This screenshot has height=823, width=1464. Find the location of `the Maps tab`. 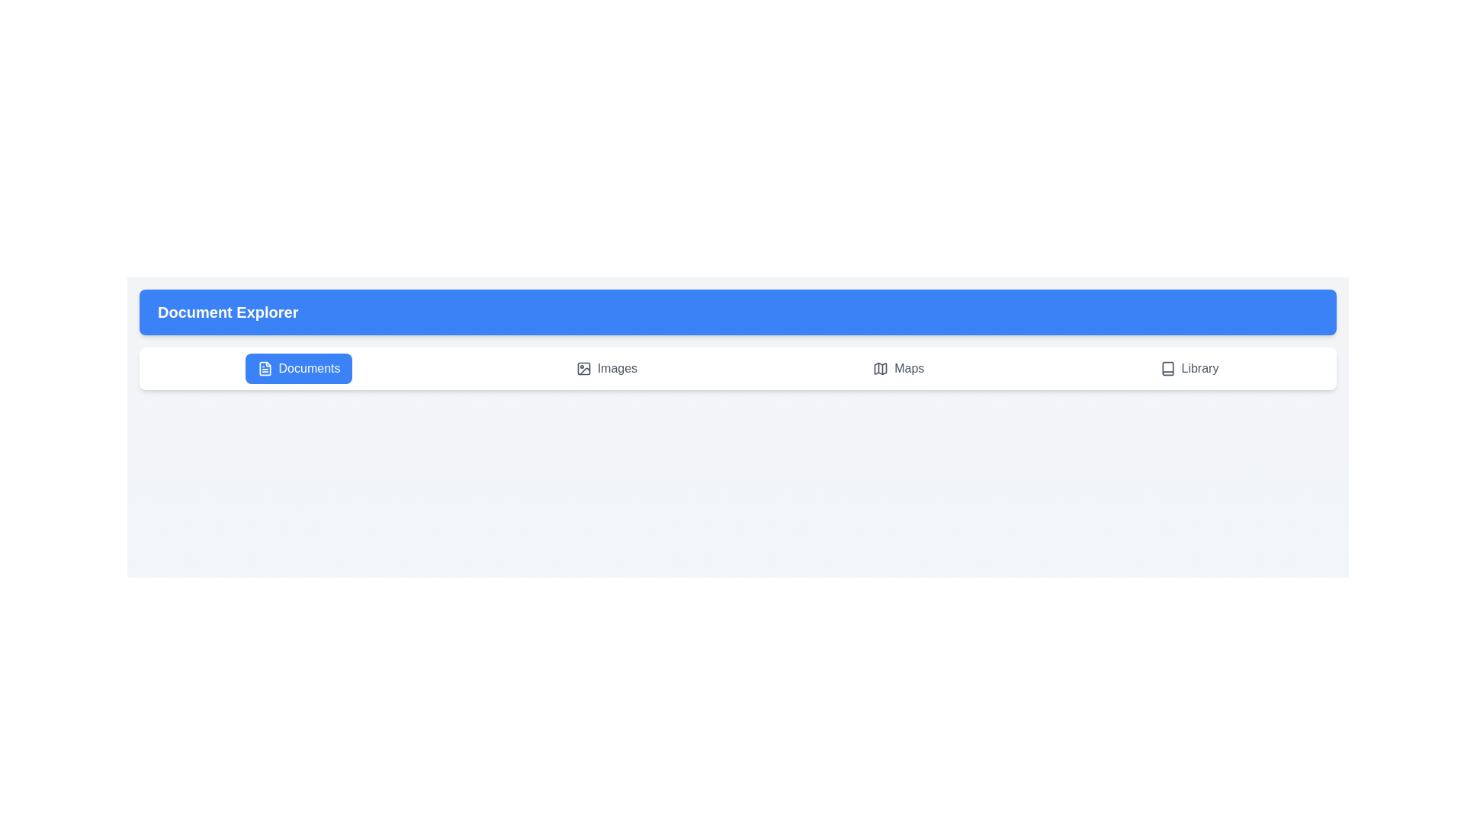

the Maps tab is located at coordinates (899, 368).